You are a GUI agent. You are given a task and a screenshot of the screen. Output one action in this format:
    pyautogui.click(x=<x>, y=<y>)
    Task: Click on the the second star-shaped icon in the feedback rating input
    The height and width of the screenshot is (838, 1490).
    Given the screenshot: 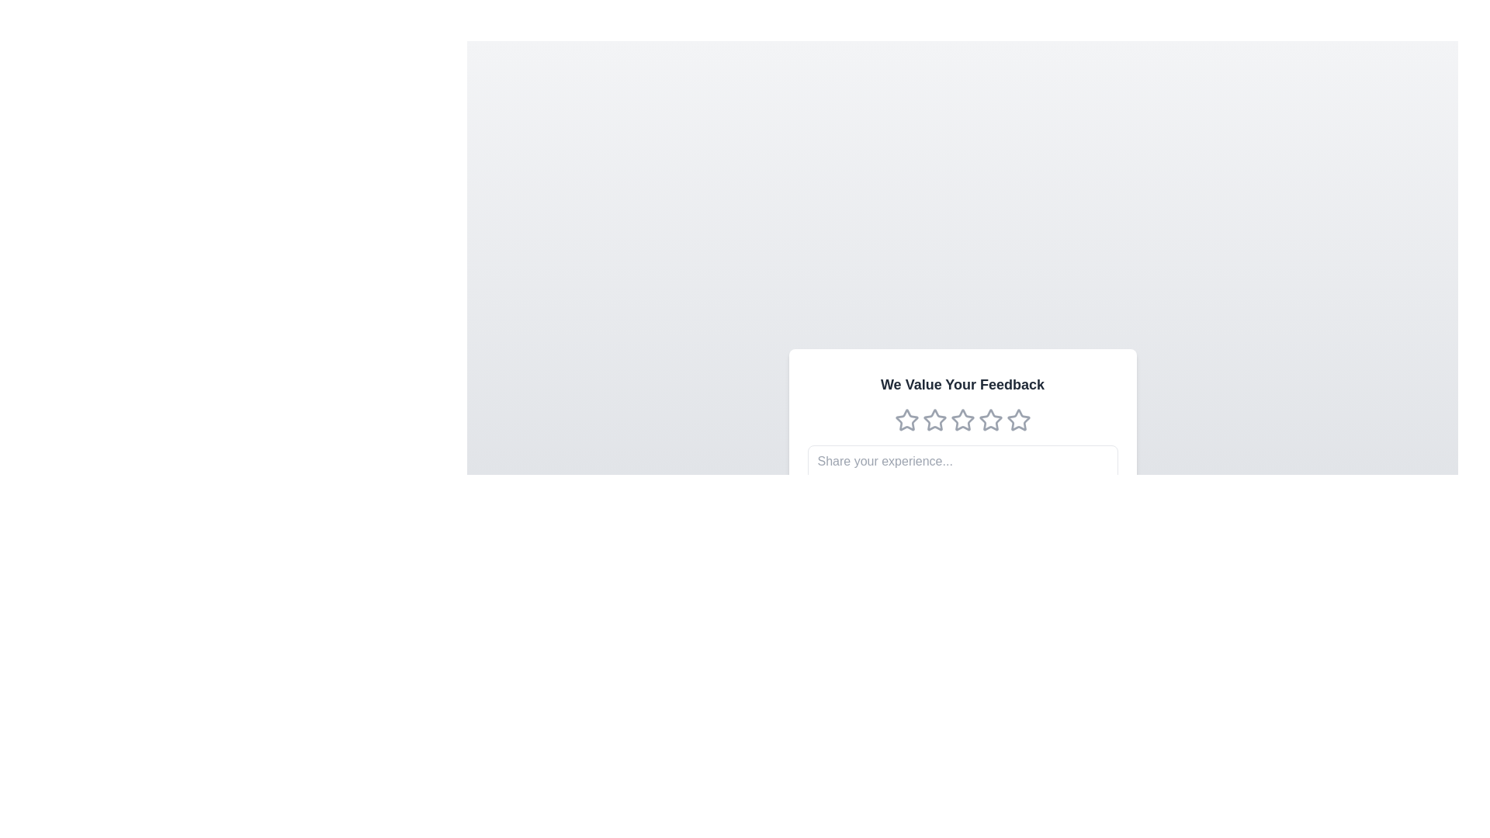 What is the action you would take?
    pyautogui.click(x=934, y=420)
    